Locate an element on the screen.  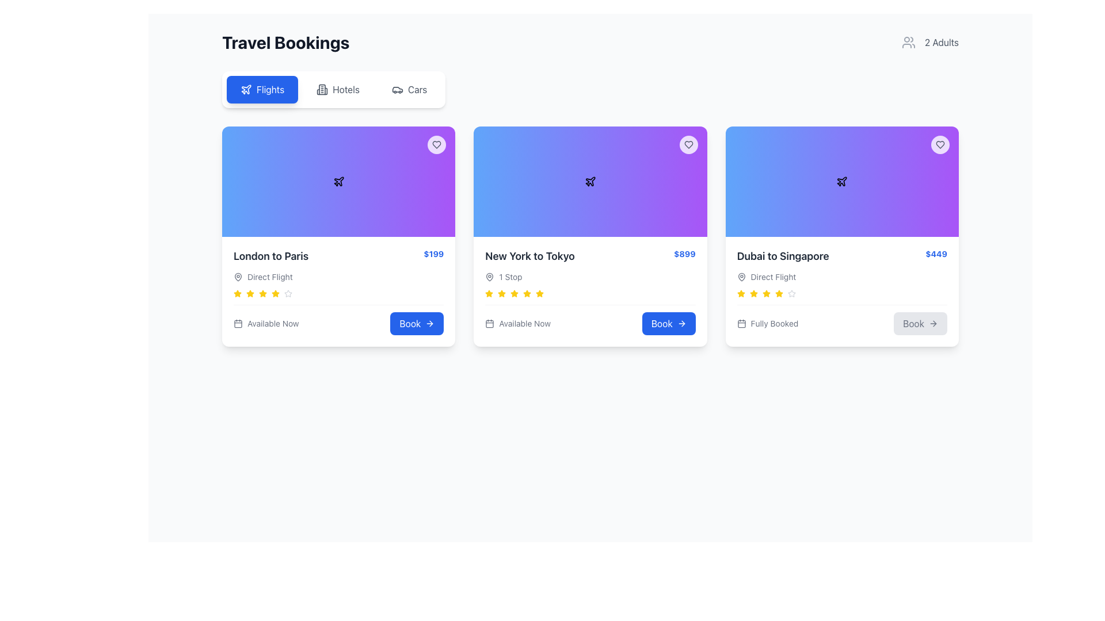
availability status from the text label with an accompanying icon located in the bottom-left corner of the panel for 'London to Paris', above the 'Book' button is located at coordinates (265, 324).